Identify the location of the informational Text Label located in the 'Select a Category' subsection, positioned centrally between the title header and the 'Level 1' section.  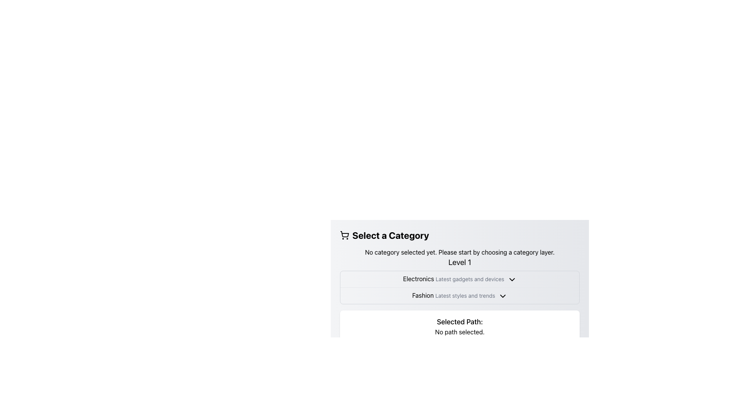
(460, 252).